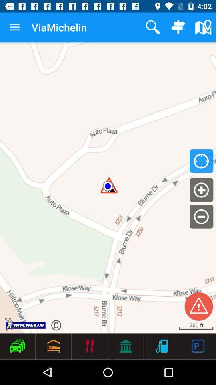  I want to click on the refresh icon, so click(56, 325).